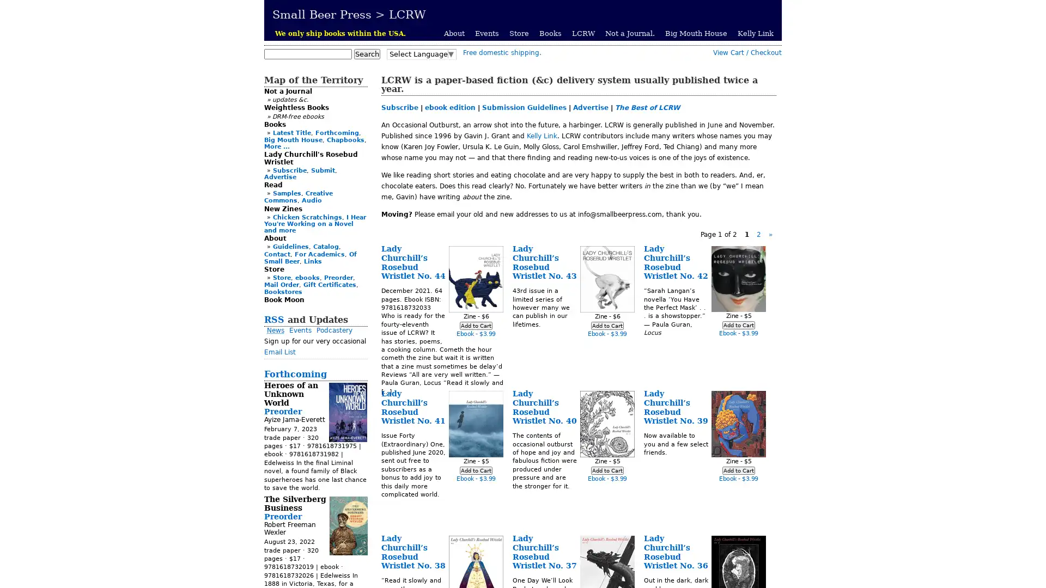 This screenshot has height=588, width=1046. I want to click on Add to Cart, so click(606, 469).